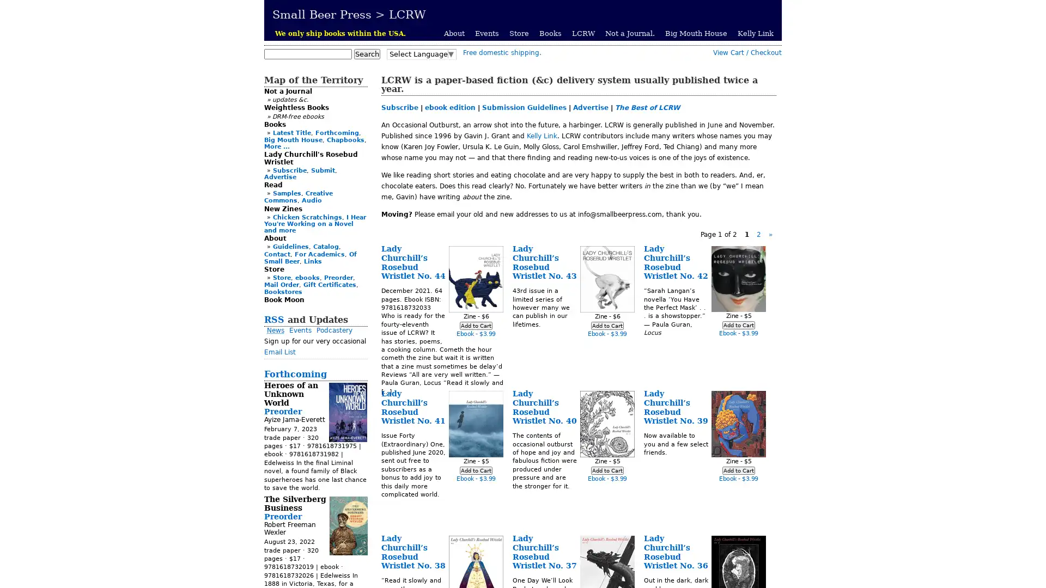 This screenshot has height=588, width=1046. I want to click on Add to Cart, so click(606, 469).